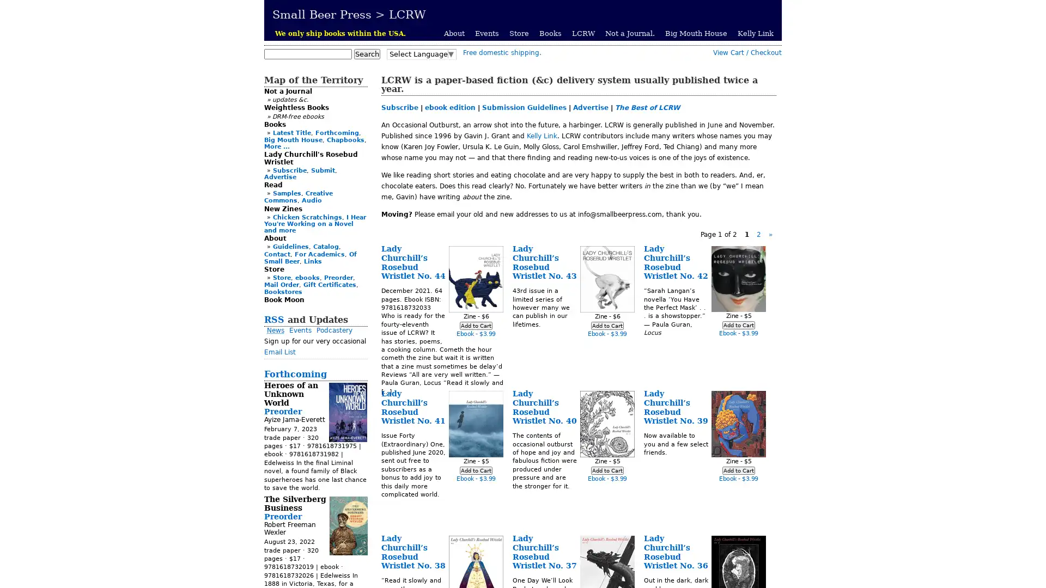 This screenshot has height=588, width=1046. I want to click on Add to Cart, so click(606, 469).